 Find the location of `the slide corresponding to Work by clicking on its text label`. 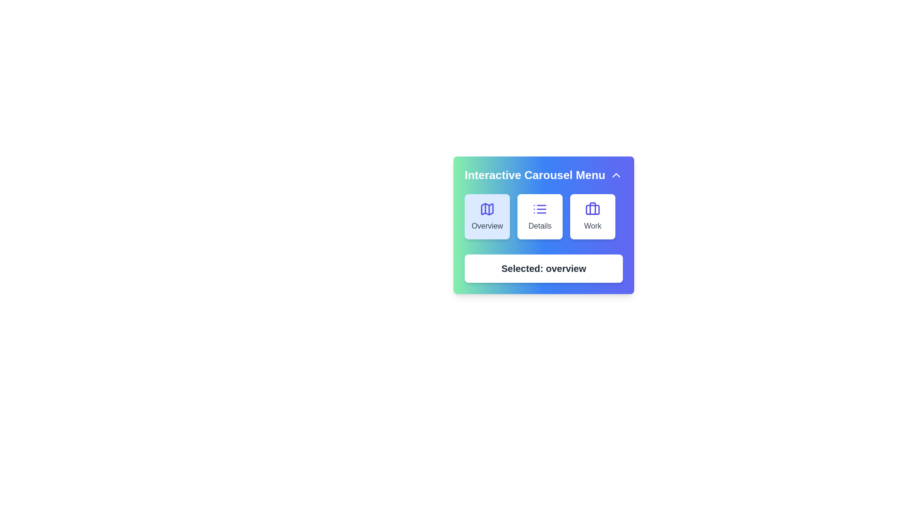

the slide corresponding to Work by clicking on its text label is located at coordinates (592, 226).